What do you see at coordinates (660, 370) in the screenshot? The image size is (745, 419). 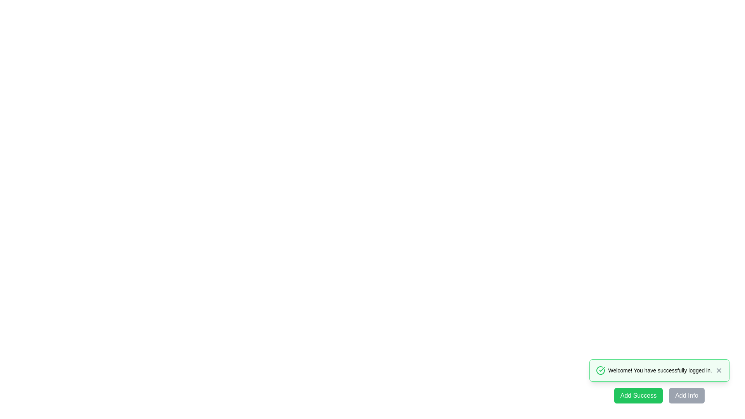 I see `message from the Text label that says 'Welcome! You have successfully logged in.' which is styled in a small font within a light green box` at bounding box center [660, 370].